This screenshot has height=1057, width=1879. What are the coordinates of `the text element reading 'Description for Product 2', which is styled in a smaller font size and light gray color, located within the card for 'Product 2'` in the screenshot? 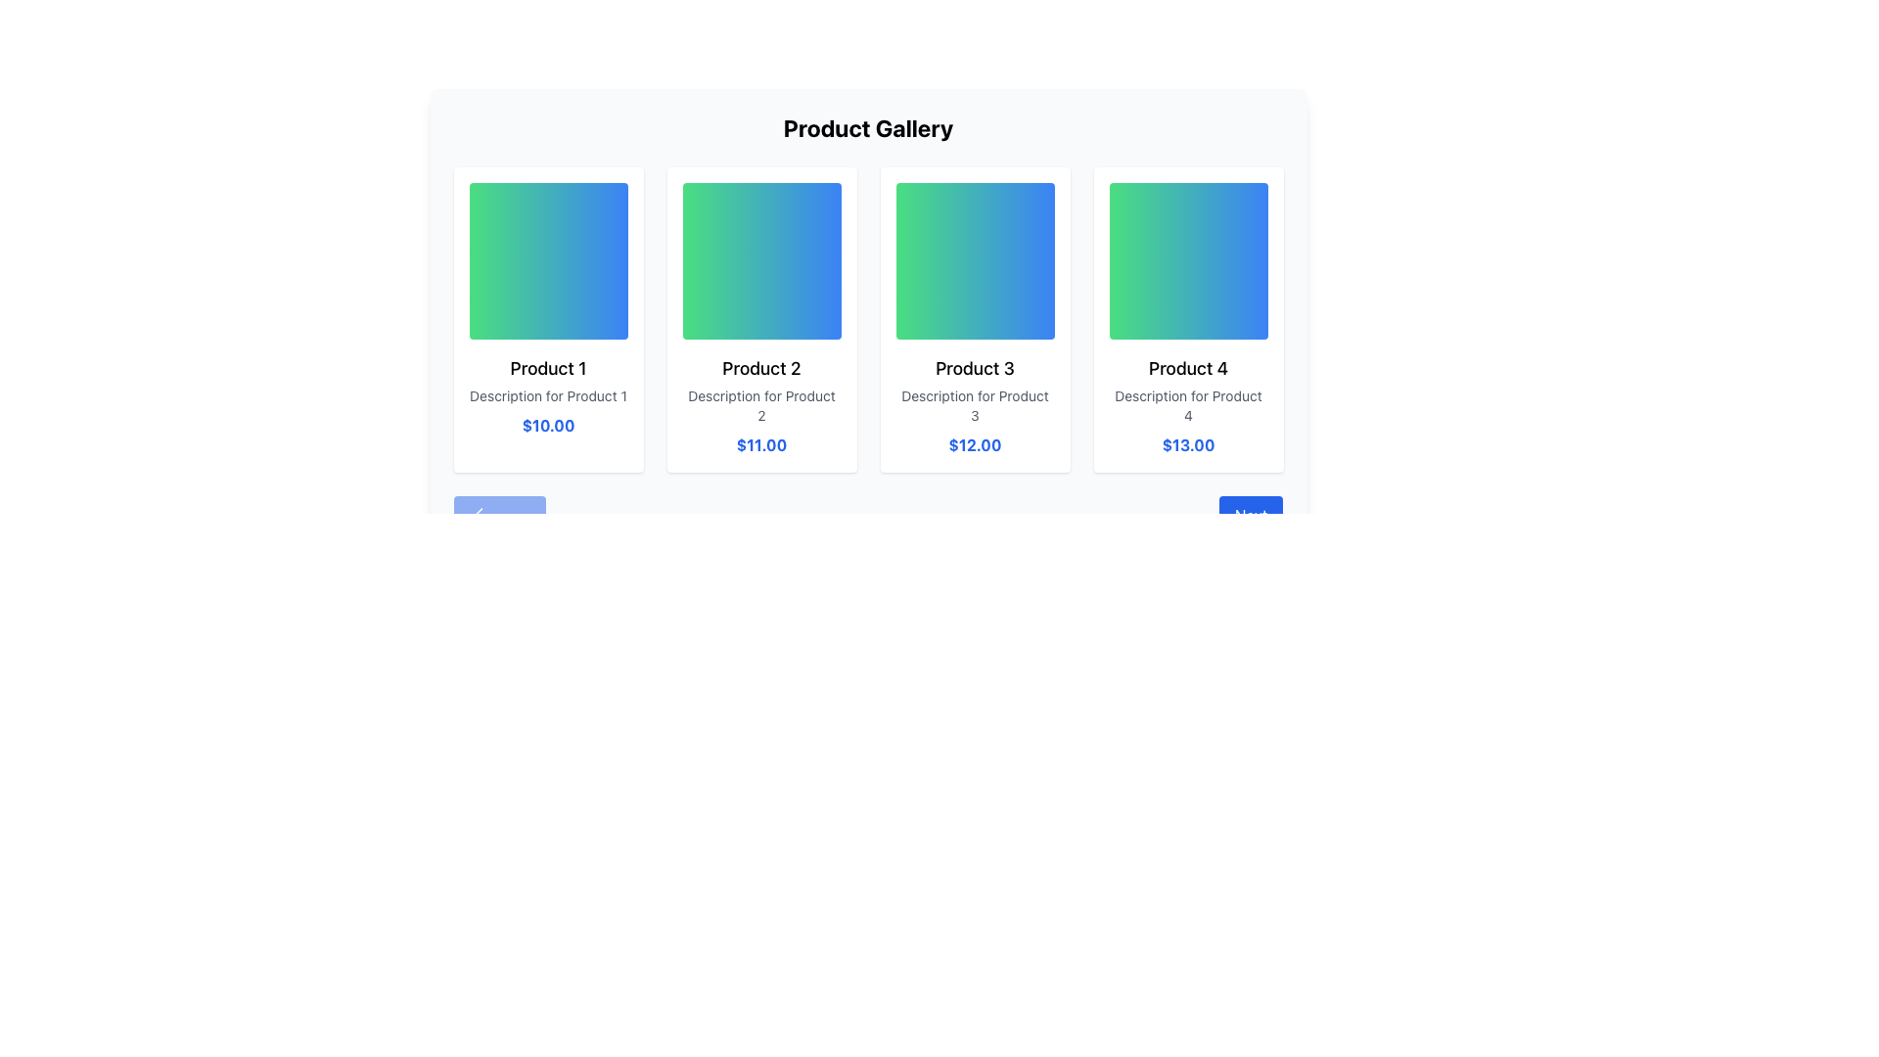 It's located at (760, 405).